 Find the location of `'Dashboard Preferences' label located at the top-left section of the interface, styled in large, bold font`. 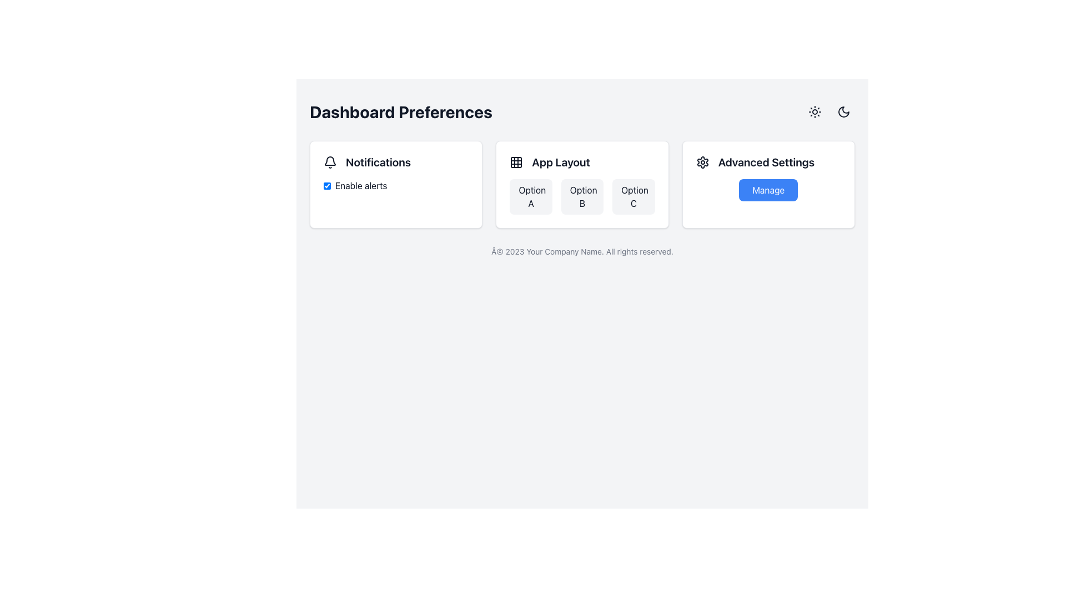

'Dashboard Preferences' label located at the top-left section of the interface, styled in large, bold font is located at coordinates (400, 111).